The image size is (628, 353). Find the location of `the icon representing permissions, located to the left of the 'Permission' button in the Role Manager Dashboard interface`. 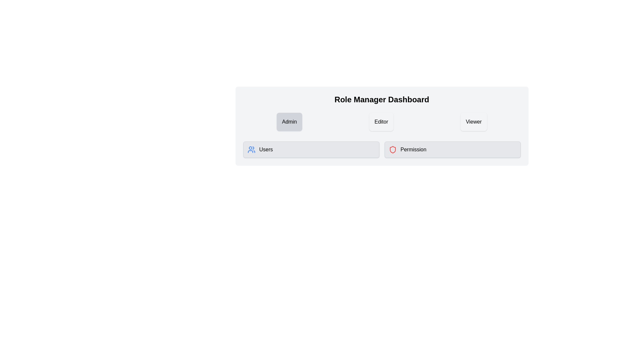

the icon representing permissions, located to the left of the 'Permission' button in the Role Manager Dashboard interface is located at coordinates (392, 150).